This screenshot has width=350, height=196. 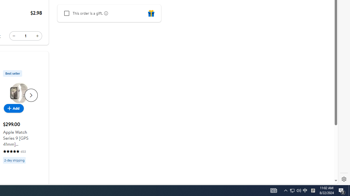 What do you see at coordinates (31, 95) in the screenshot?
I see `'Next slide for horizontalScrollerRecommendations list'` at bounding box center [31, 95].